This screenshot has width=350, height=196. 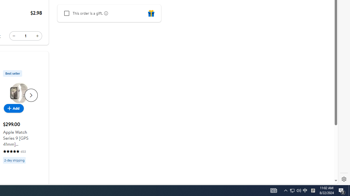 What do you see at coordinates (31, 95) in the screenshot?
I see `'Next slide for horizontalScrollerRecommendations list'` at bounding box center [31, 95].